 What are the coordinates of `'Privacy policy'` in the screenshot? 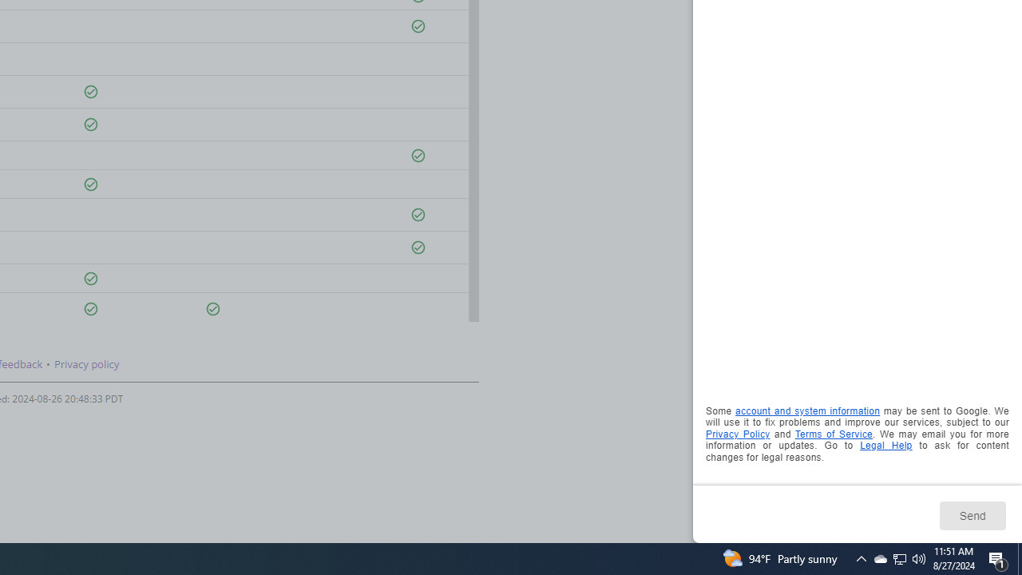 It's located at (85, 364).